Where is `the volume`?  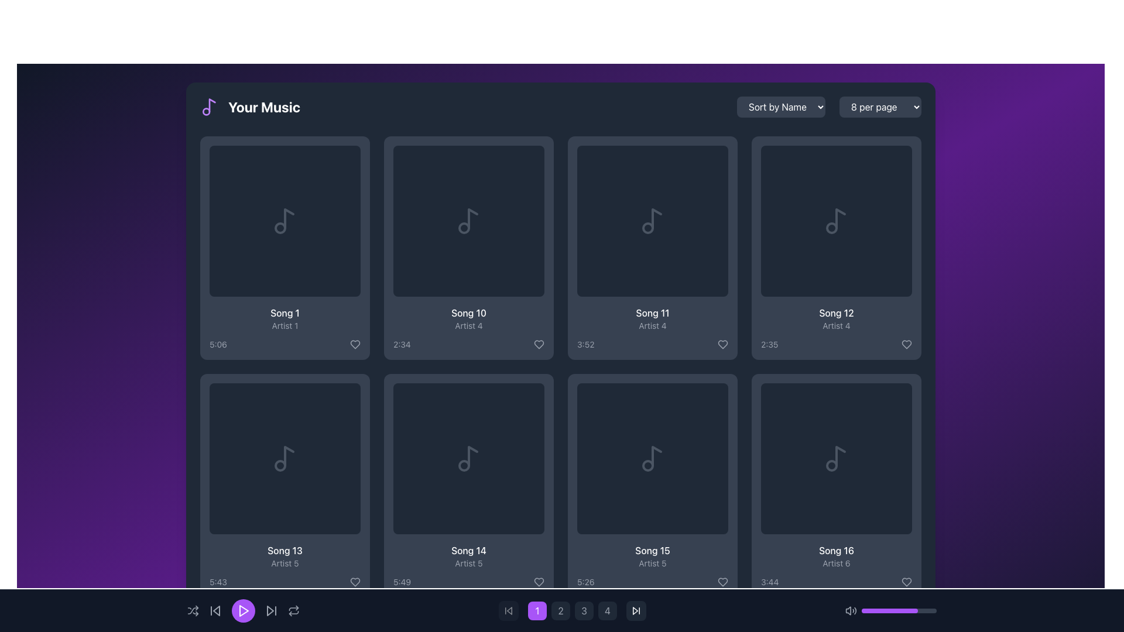 the volume is located at coordinates (866, 610).